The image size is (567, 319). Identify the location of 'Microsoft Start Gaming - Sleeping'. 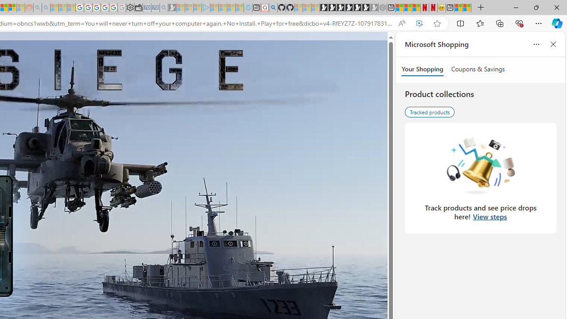
(172, 8).